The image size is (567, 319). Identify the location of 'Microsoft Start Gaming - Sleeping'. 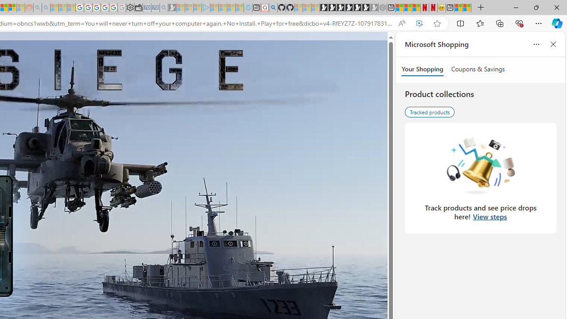
(172, 8).